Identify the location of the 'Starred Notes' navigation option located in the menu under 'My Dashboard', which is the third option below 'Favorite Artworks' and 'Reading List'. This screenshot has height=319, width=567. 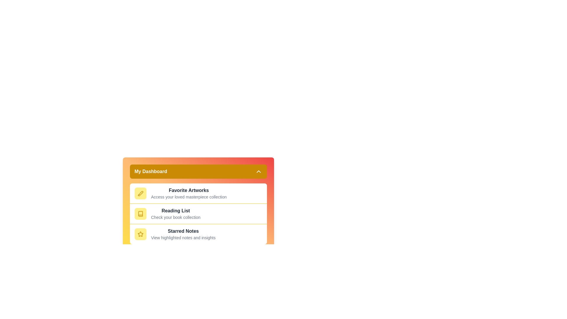
(183, 234).